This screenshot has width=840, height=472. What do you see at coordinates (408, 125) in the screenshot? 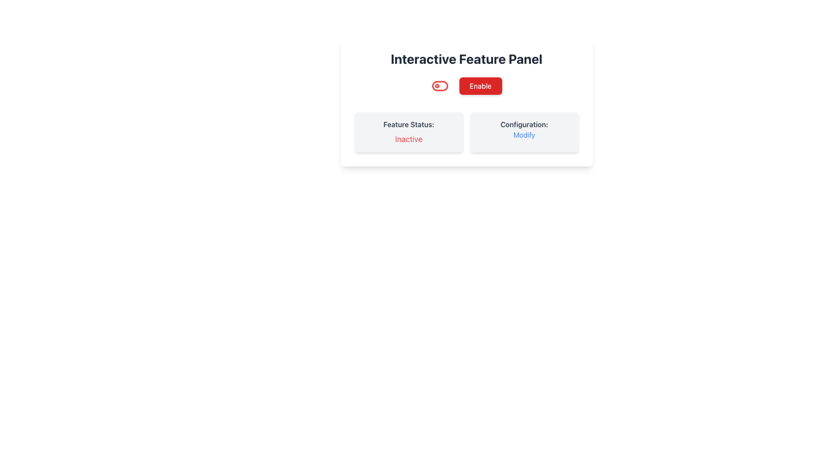
I see `the text label displaying 'Feature Status:' which is styled in bold medium-gray font on a lighter gray background` at bounding box center [408, 125].